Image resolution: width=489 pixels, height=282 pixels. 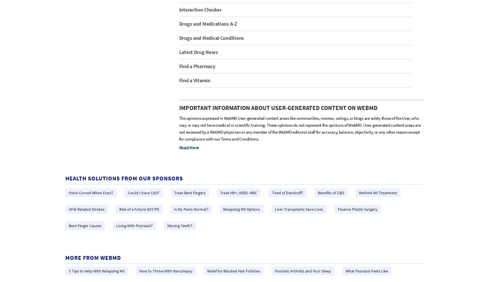 What do you see at coordinates (156, 78) in the screenshot?
I see `'Whole Body Affected by Gut Health'` at bounding box center [156, 78].